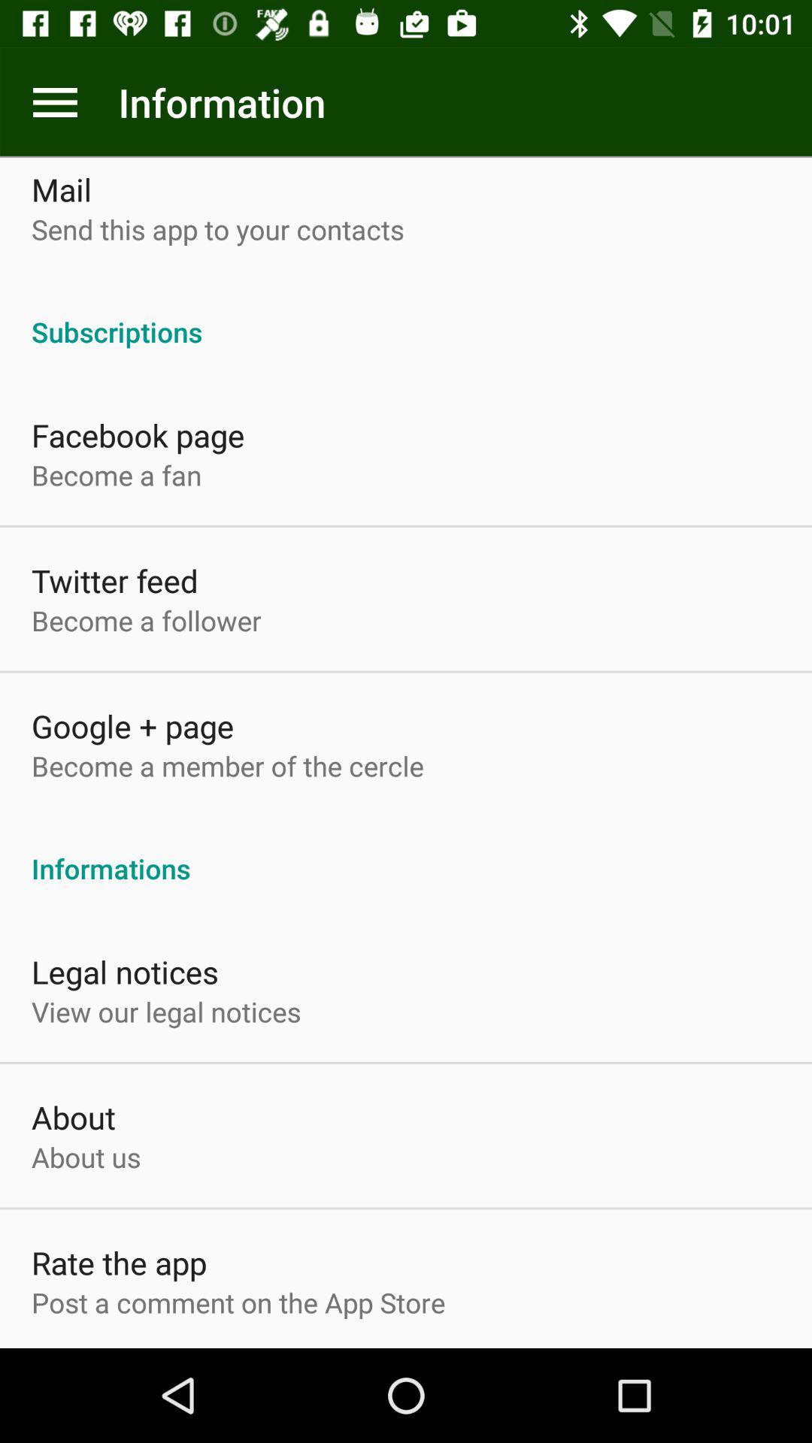 The width and height of the screenshot is (812, 1443). I want to click on app next to information, so click(54, 101).